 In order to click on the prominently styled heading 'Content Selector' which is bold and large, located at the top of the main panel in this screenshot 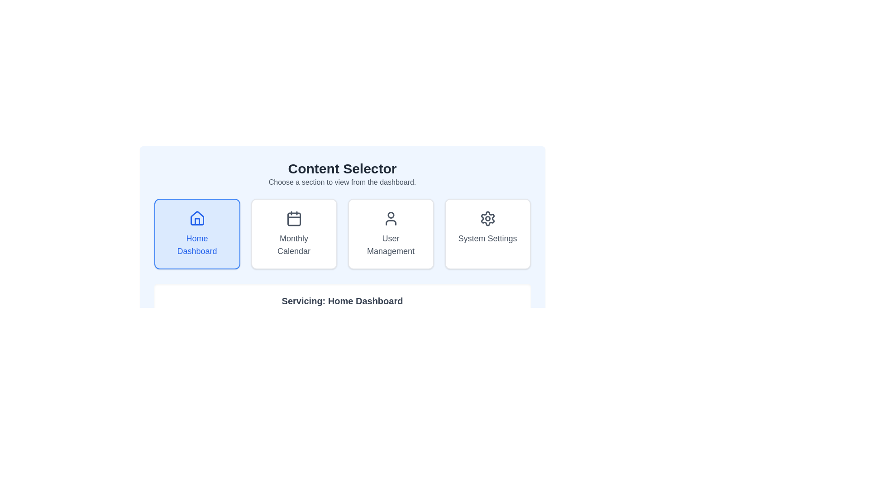, I will do `click(342, 169)`.